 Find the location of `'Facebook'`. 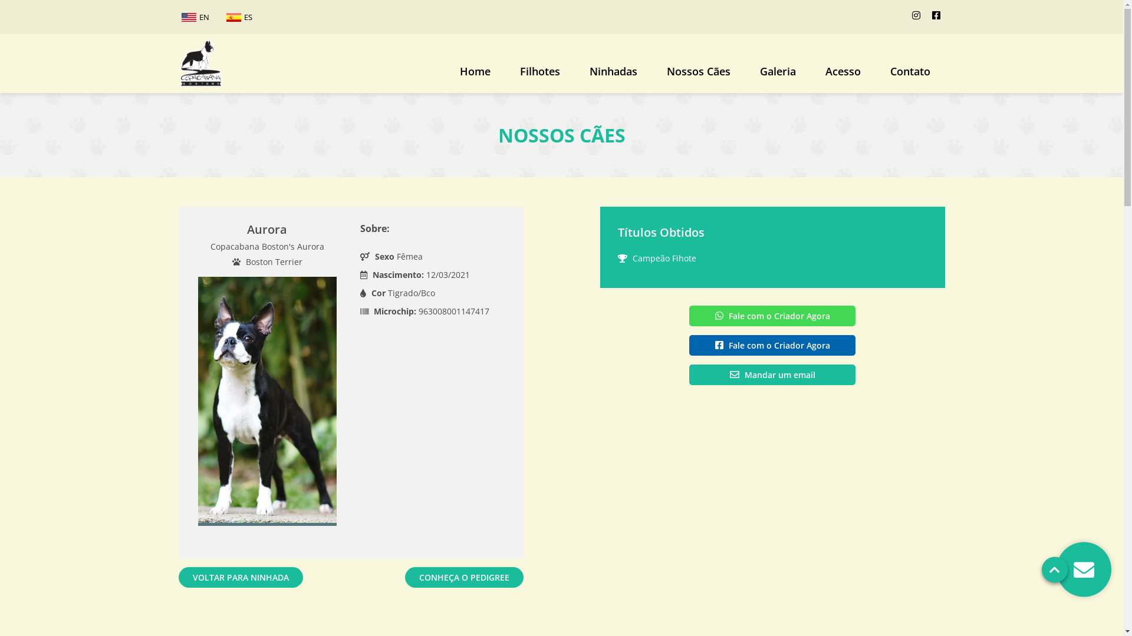

'Facebook' is located at coordinates (935, 15).